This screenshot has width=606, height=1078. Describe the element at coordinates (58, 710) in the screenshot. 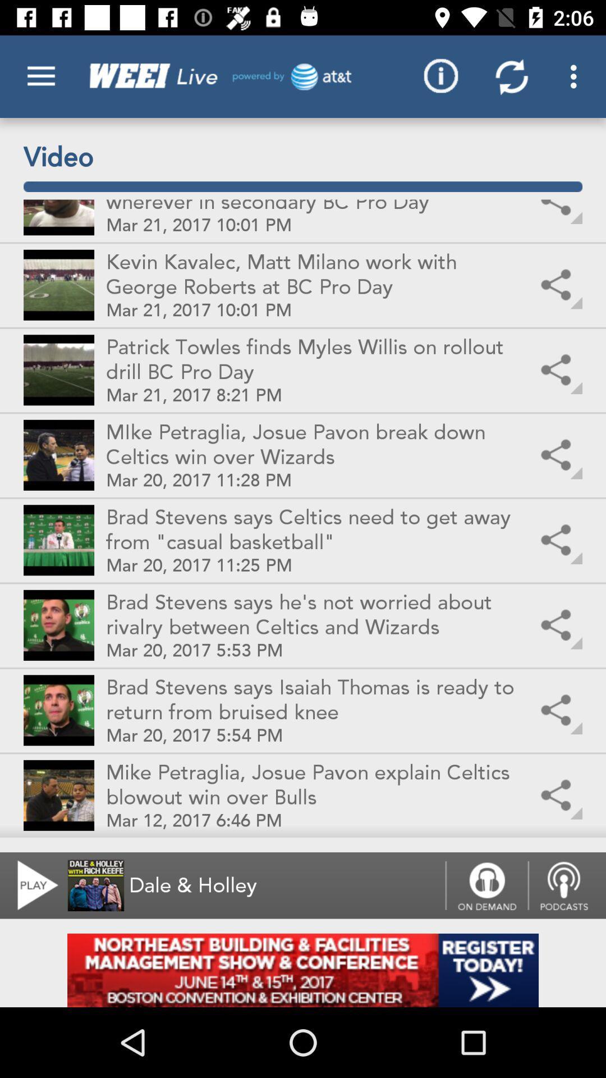

I see `the second picture from the bottom` at that location.